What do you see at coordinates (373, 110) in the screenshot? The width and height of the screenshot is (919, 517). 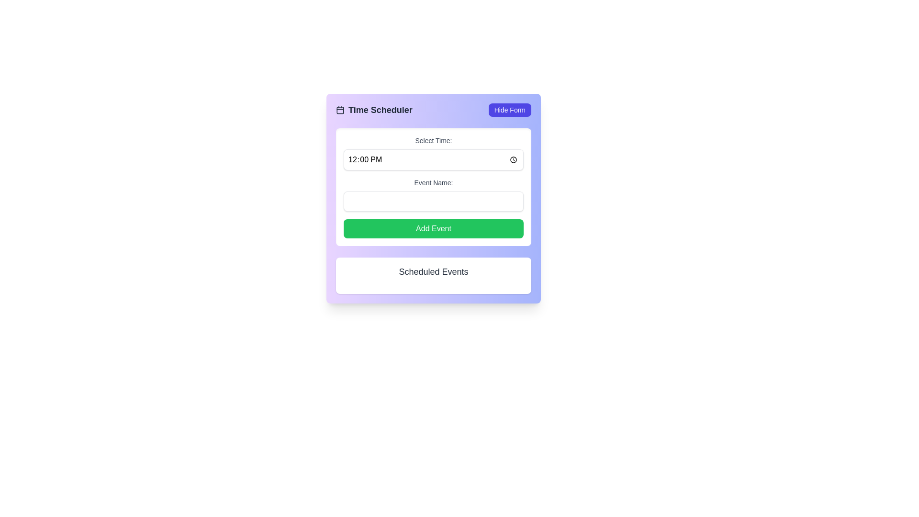 I see `header text labeled 'Time Scheduler' located in the upper-left corner of the form interface, which is styled in bold gray and accompanied by a calendar icon` at bounding box center [373, 110].